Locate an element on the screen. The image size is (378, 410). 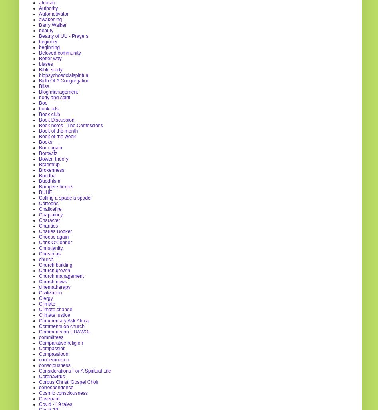
'Comparative religion' is located at coordinates (61, 342).